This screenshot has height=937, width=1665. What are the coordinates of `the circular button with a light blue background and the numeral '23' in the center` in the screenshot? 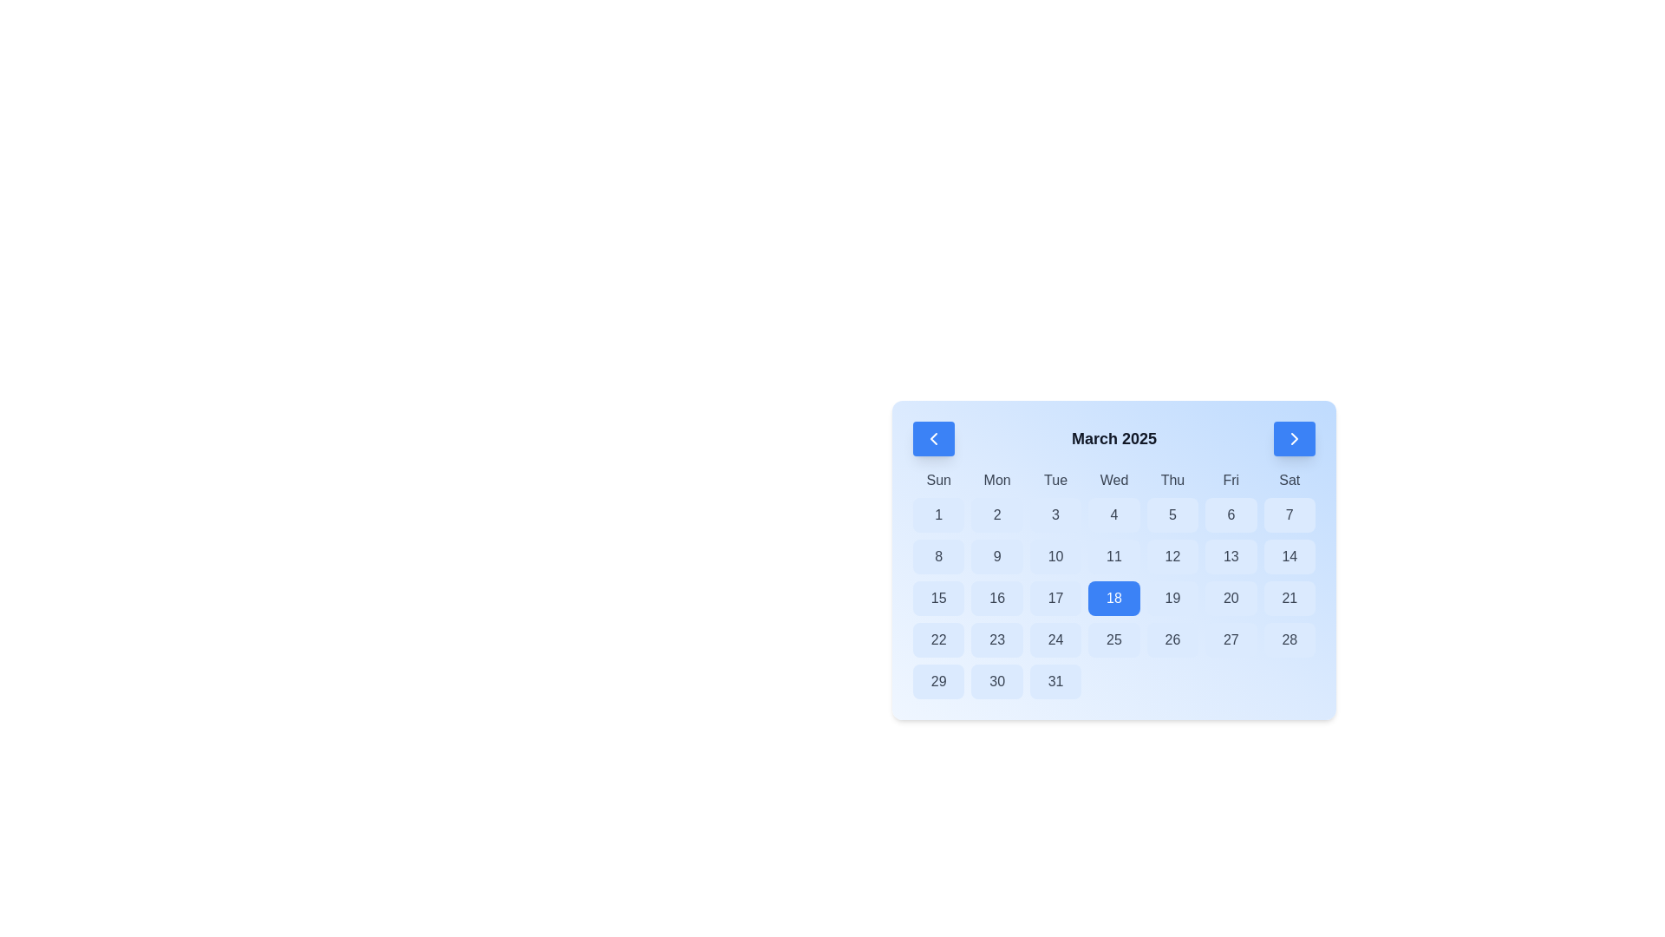 It's located at (997, 639).